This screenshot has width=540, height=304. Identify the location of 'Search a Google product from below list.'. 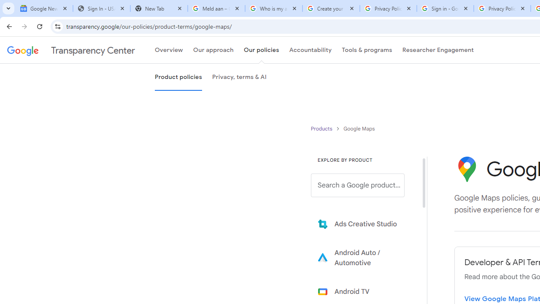
(358, 185).